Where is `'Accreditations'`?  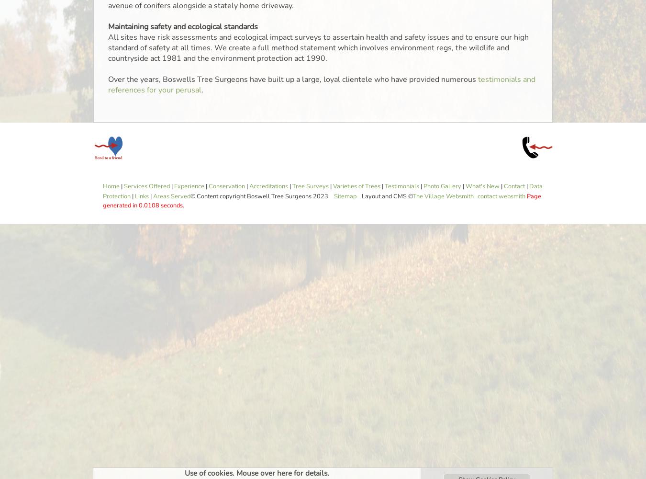 'Accreditations' is located at coordinates (268, 186).